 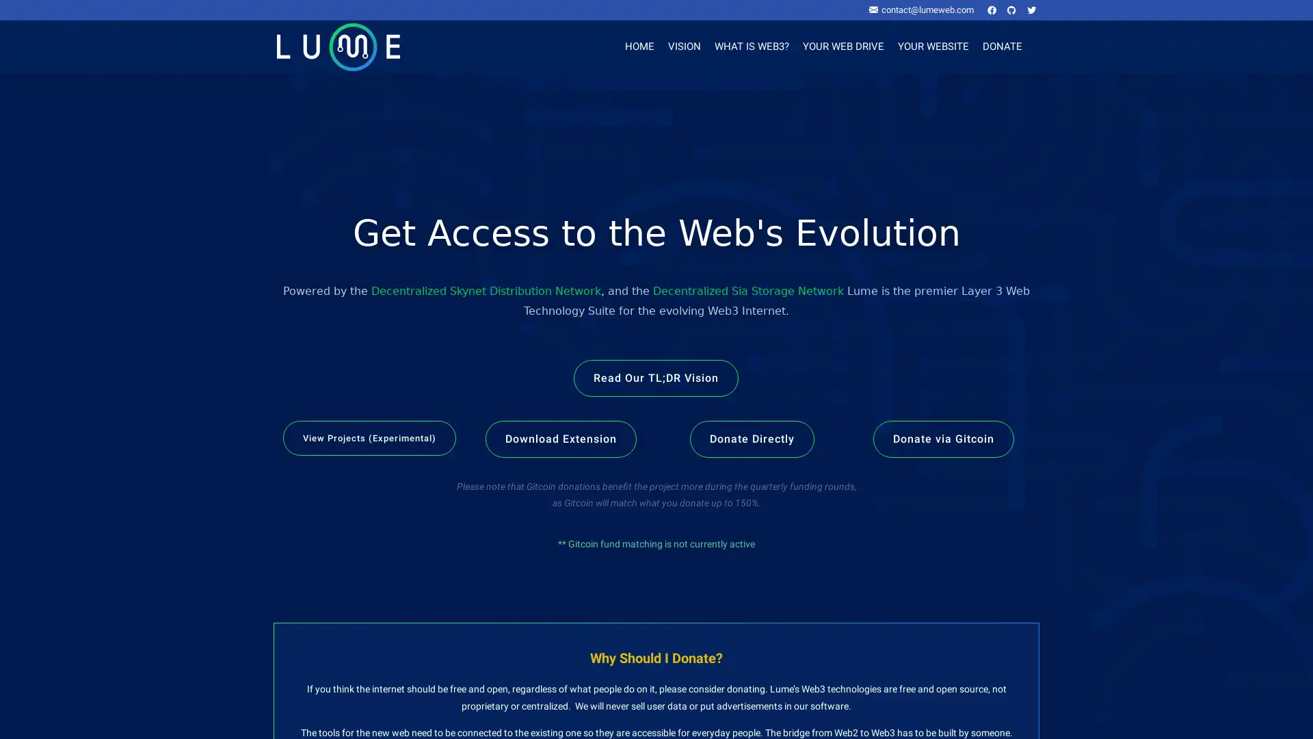 What do you see at coordinates (655, 377) in the screenshot?
I see `Read Our TL;DR Vision` at bounding box center [655, 377].